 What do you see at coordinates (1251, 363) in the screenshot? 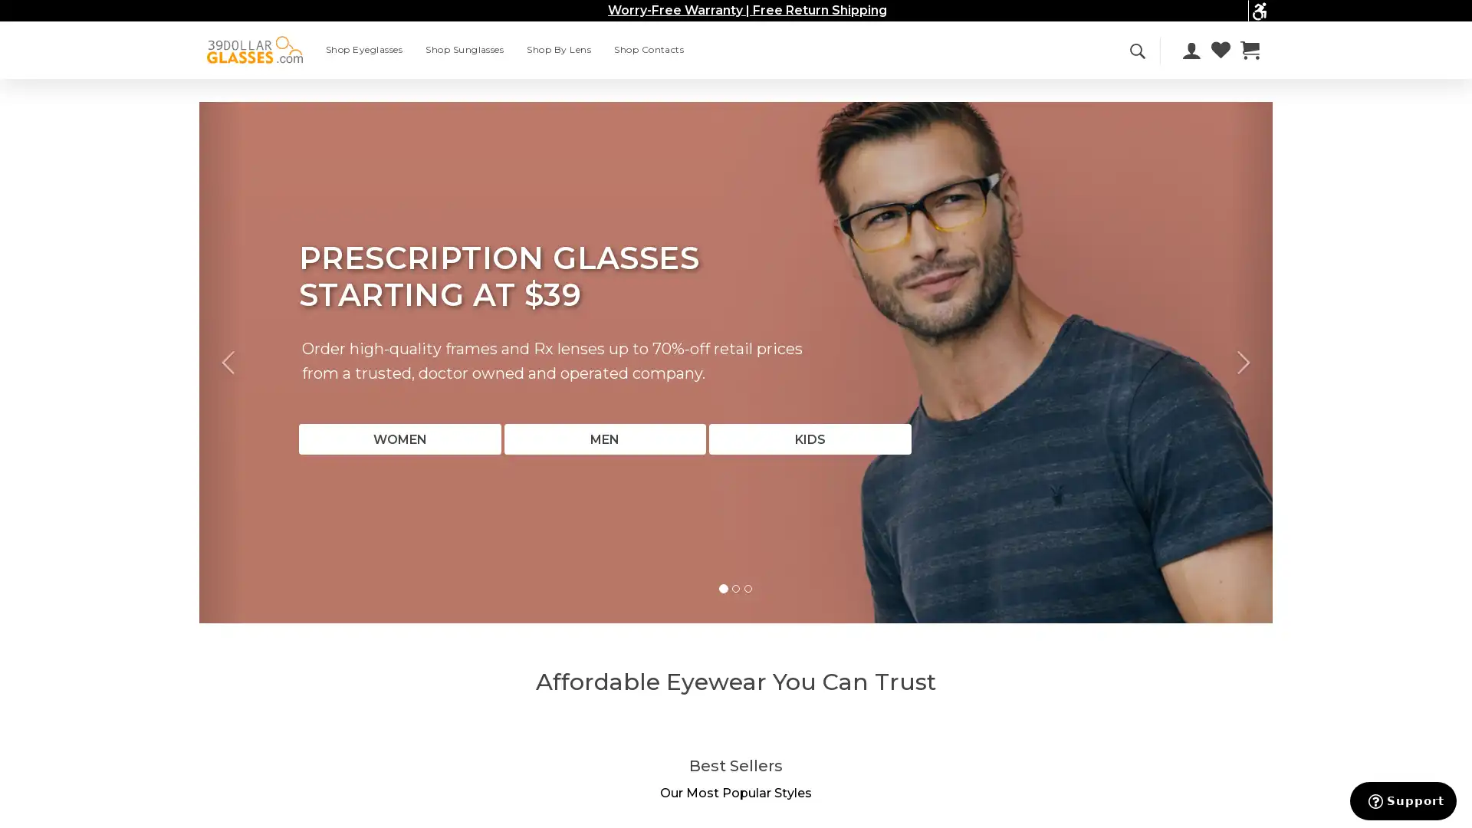
I see `Next` at bounding box center [1251, 363].